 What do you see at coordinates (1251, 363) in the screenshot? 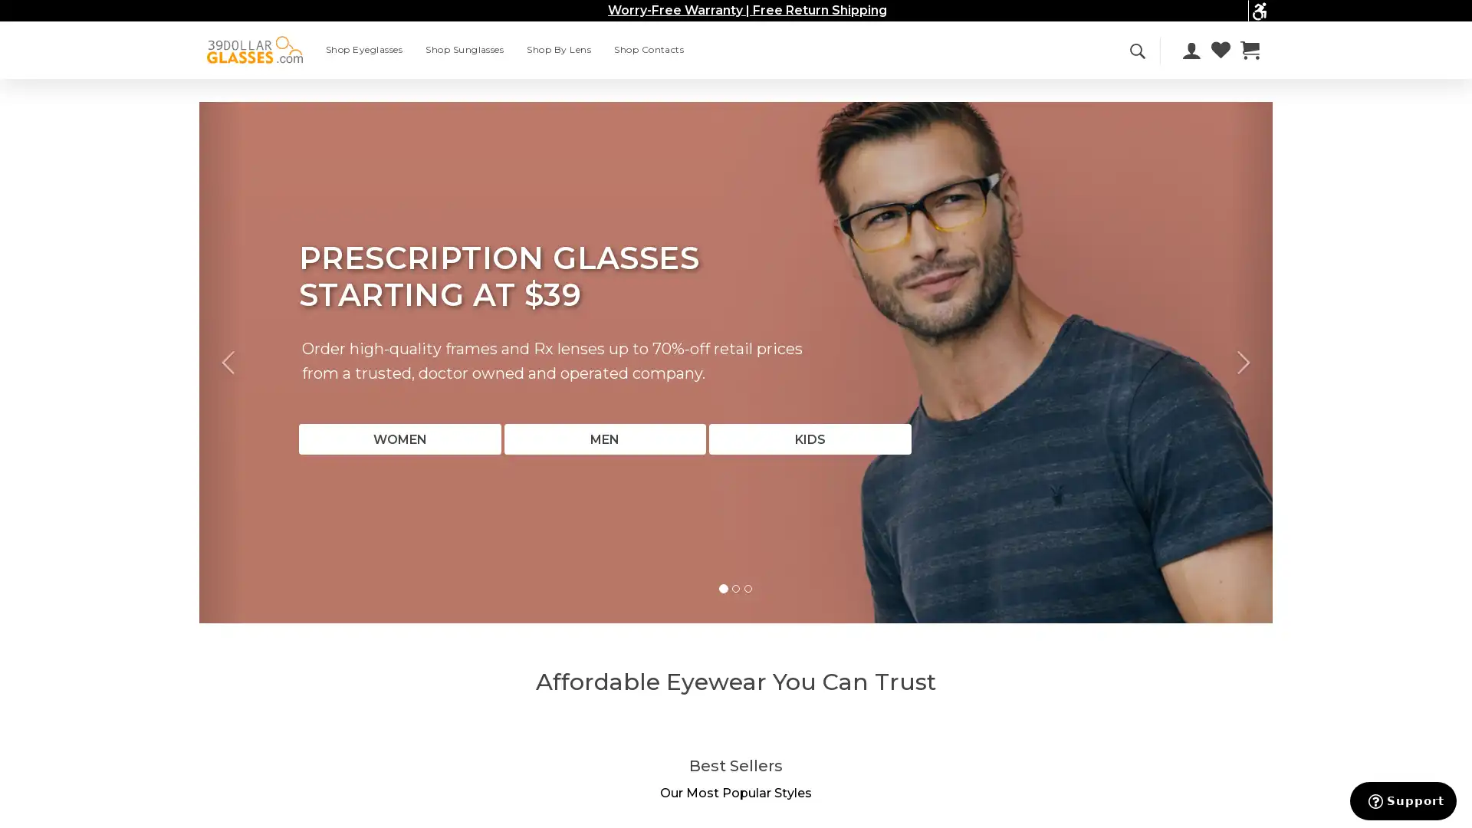
I see `Next` at bounding box center [1251, 363].